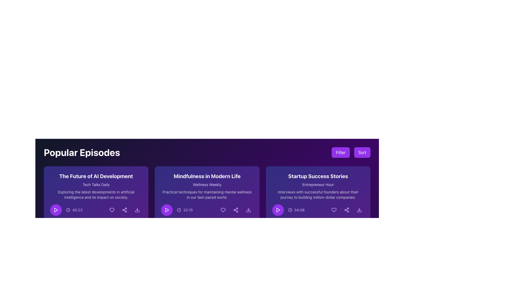 The height and width of the screenshot is (285, 507). I want to click on the play button located at the bottom of the Content card titled 'Mindfulness in Modern Life', so click(207, 201).